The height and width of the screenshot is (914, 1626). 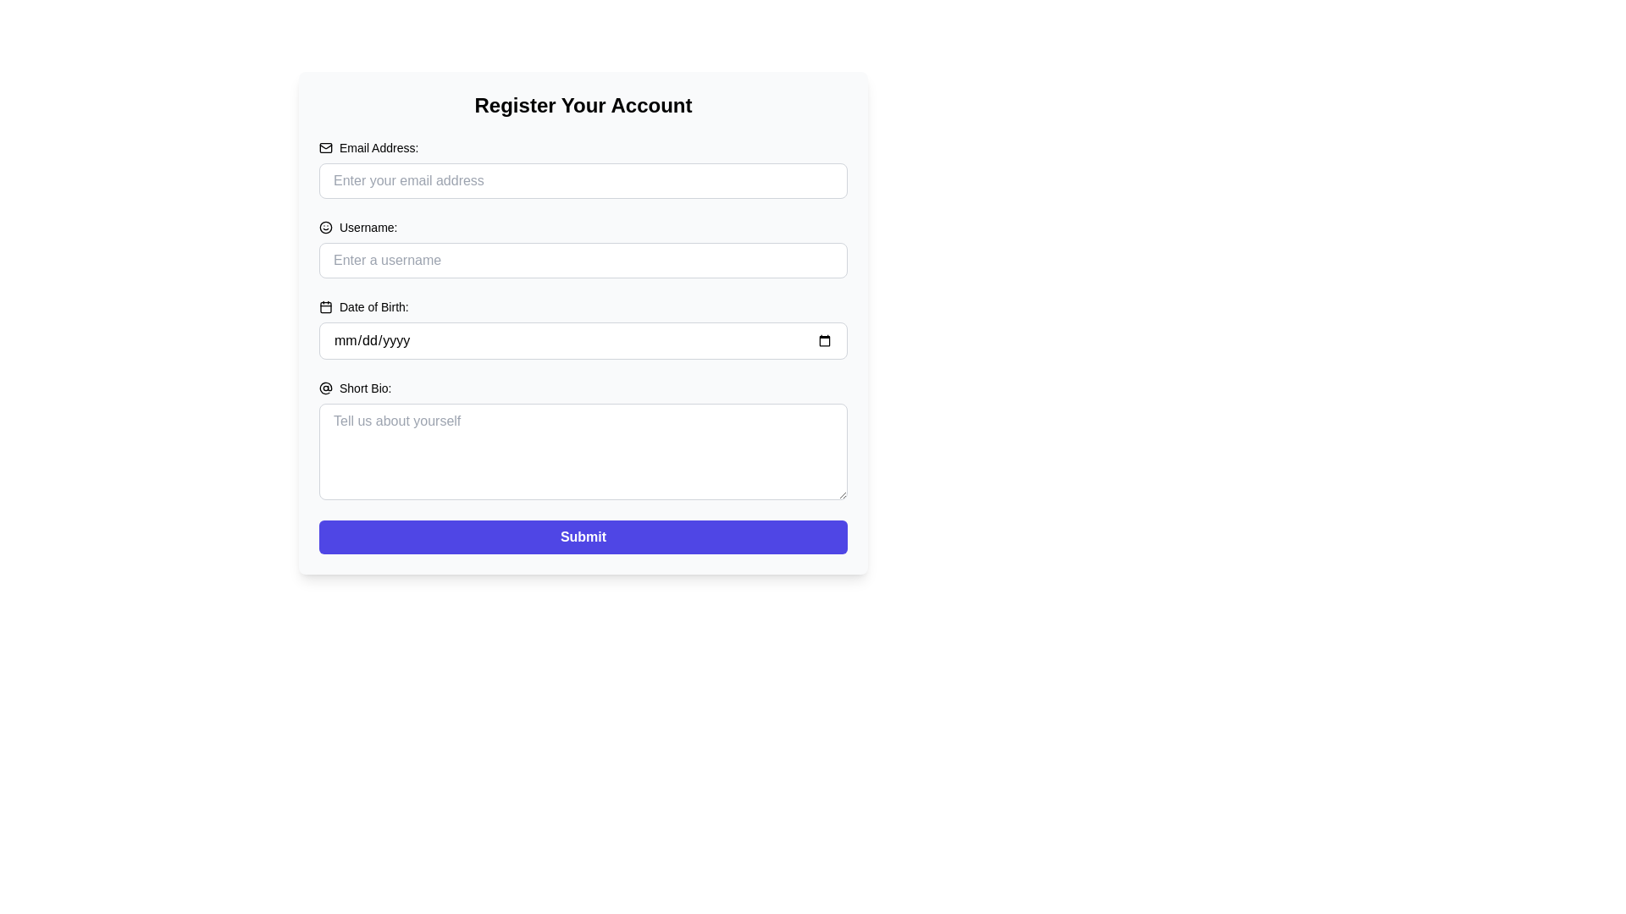 I want to click on the email input box labeled 'Email Address:', so click(x=583, y=169).